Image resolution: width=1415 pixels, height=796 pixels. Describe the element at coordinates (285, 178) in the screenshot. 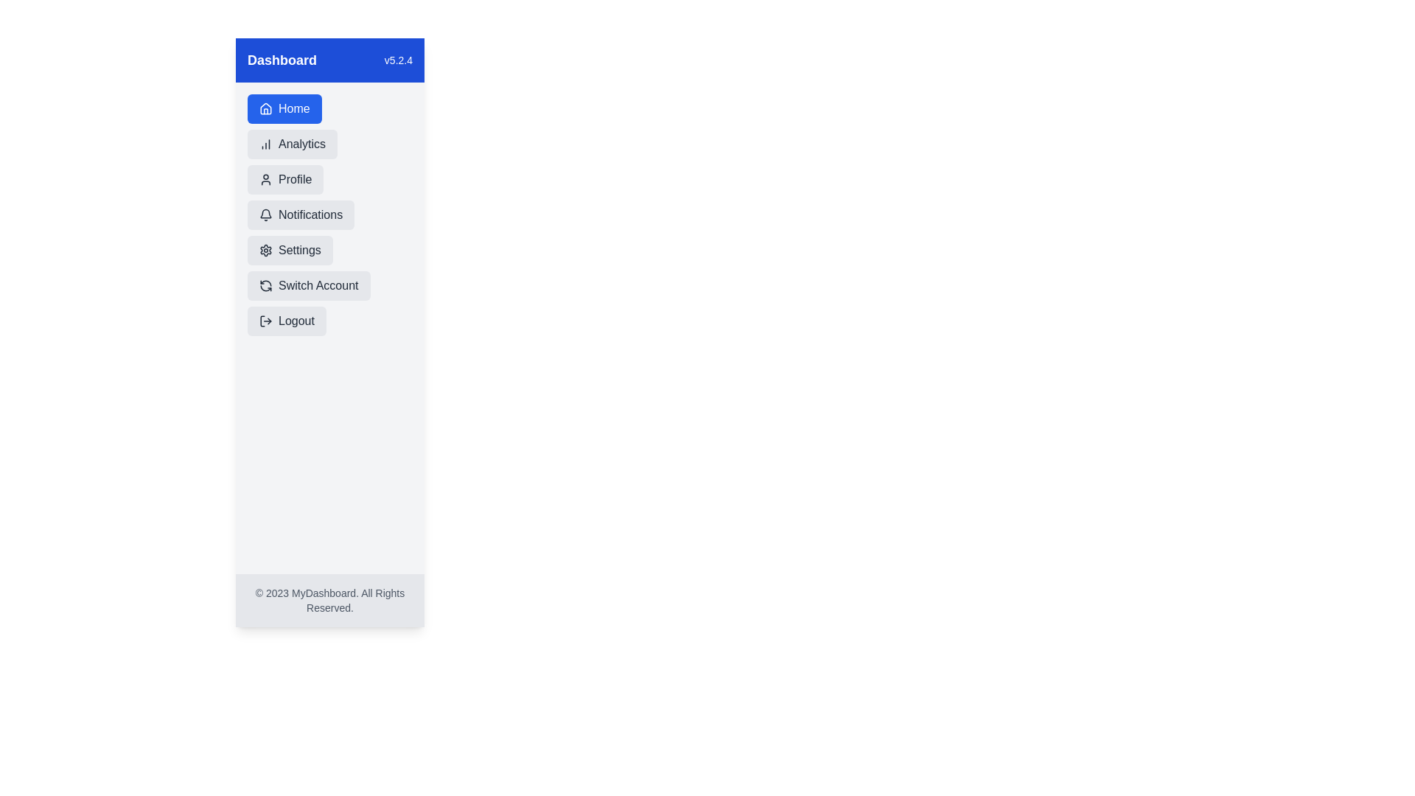

I see `the navigational button for the 'Profile' section, positioned as the third item in the vertical list of buttons on the left side, located between the 'Analytics' and 'Notifications' buttons` at that location.